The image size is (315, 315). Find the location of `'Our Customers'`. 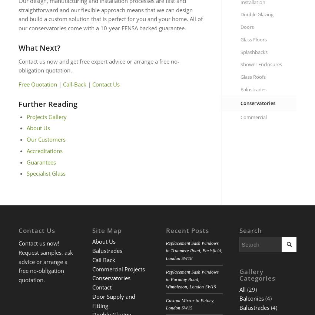

'Our Customers' is located at coordinates (46, 139).